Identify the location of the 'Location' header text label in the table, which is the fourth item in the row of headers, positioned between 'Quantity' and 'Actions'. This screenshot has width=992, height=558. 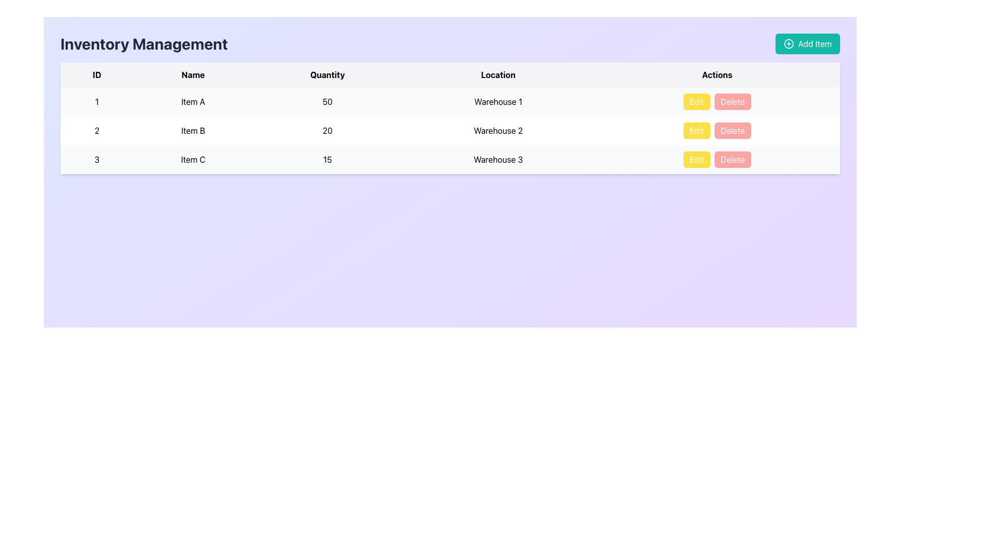
(498, 74).